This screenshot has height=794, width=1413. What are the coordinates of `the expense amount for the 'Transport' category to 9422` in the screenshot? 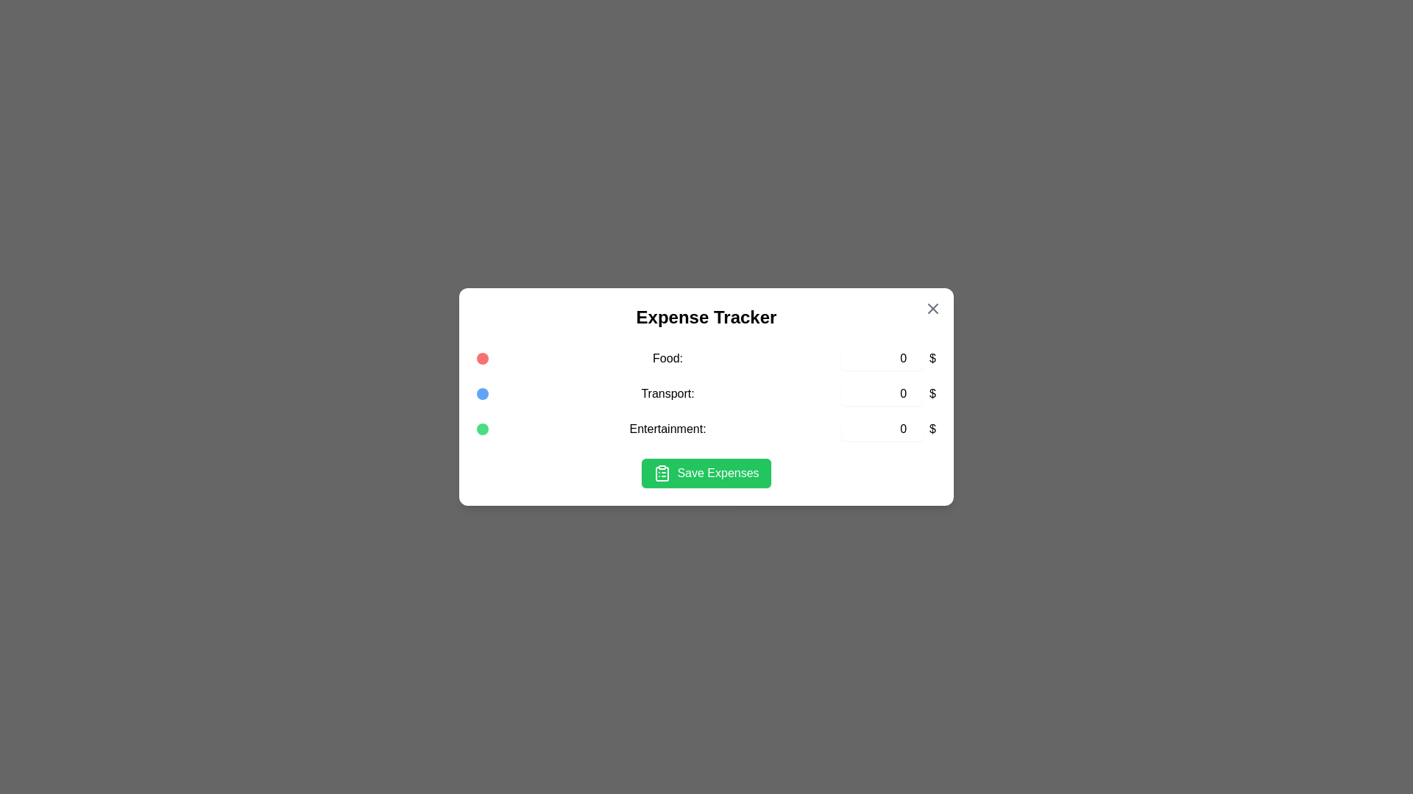 It's located at (882, 393).